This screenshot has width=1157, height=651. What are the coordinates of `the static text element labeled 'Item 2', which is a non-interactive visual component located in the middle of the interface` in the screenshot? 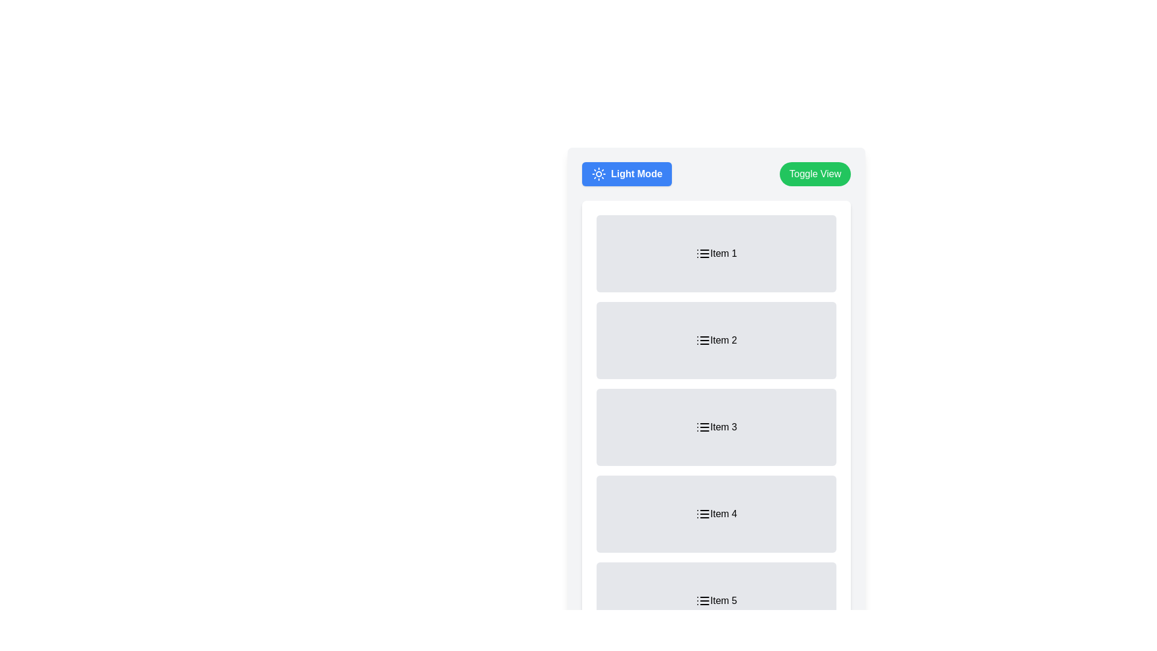 It's located at (716, 340).